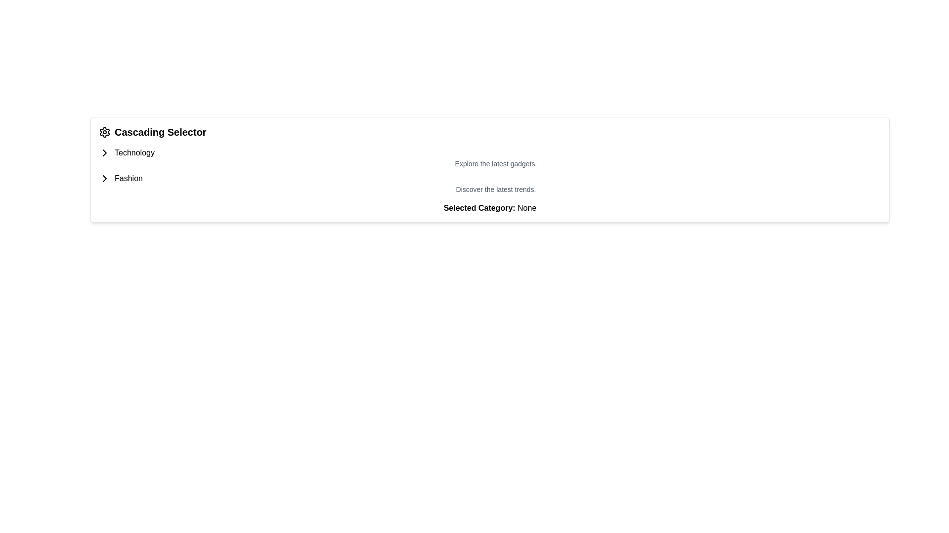 The height and width of the screenshot is (533, 949). Describe the element at coordinates (134, 152) in the screenshot. I see `the 'Technology' text label in the vertical list of categories` at that location.